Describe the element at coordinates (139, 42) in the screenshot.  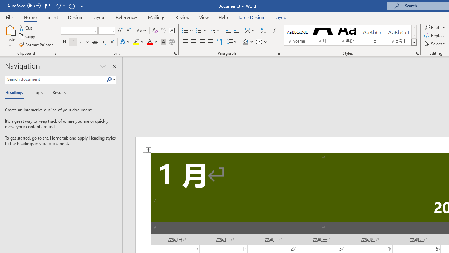
I see `'Text Highlight Color'` at that location.